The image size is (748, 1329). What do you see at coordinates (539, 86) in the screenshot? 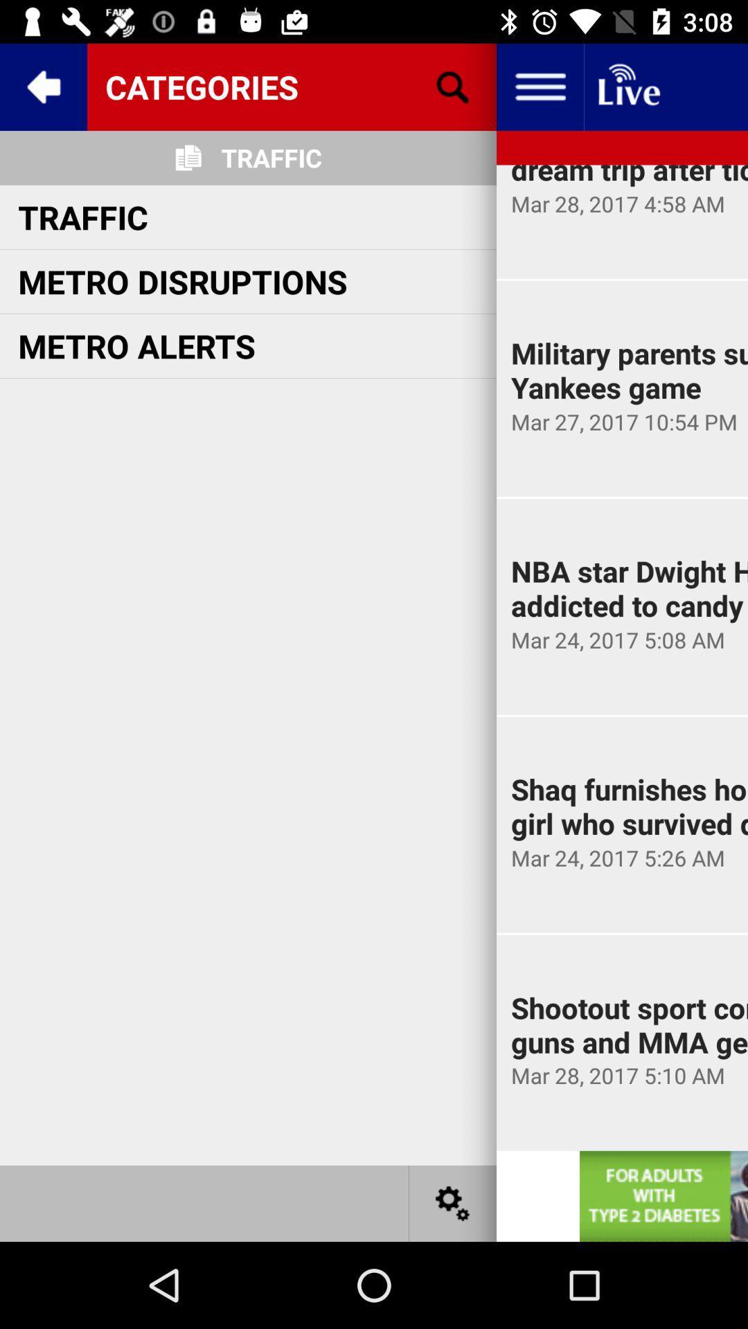
I see `the menu icon` at bounding box center [539, 86].